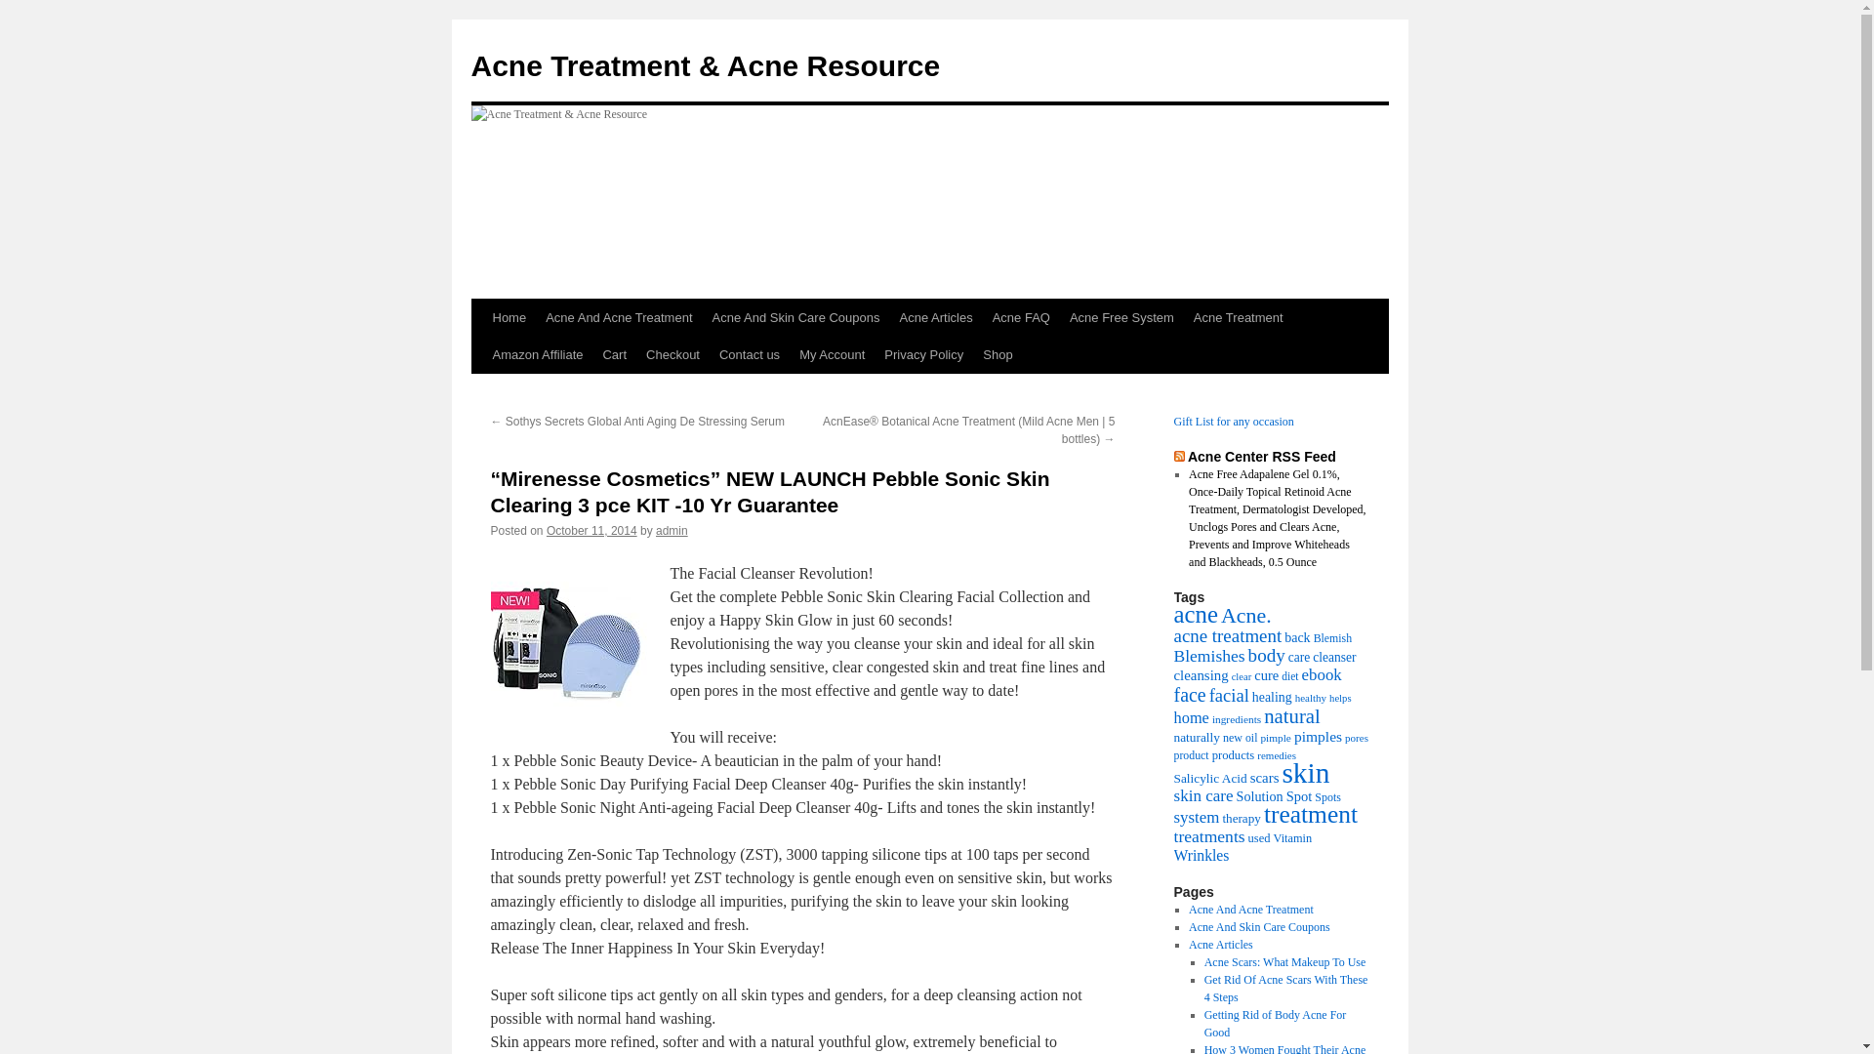 The image size is (1874, 1054). Describe the element at coordinates (796, 317) in the screenshot. I see `'Acne And Skin Care Coupons'` at that location.